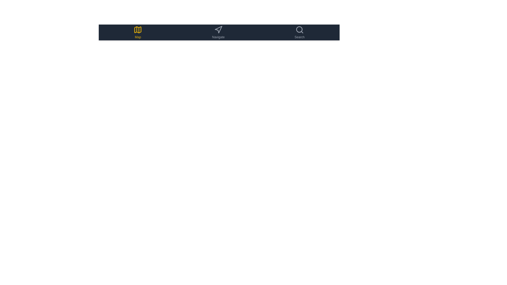  I want to click on the 'Navigate' button with an arrow icon located centrally in the top horizontal menu bar, so click(218, 32).